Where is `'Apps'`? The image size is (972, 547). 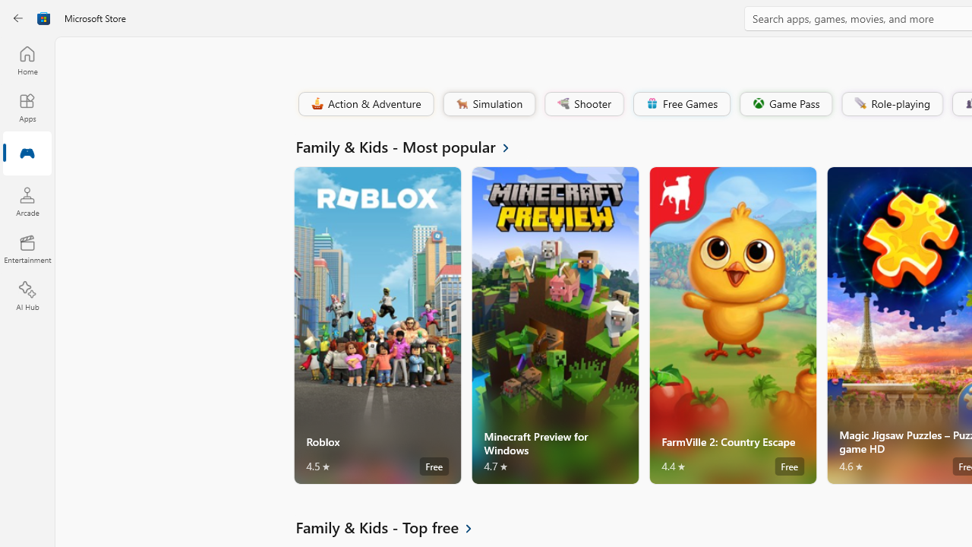 'Apps' is located at coordinates (27, 106).